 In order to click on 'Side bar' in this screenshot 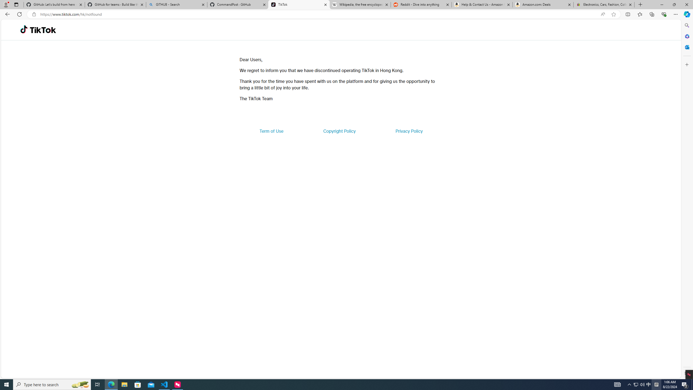, I will do `click(687, 199)`.